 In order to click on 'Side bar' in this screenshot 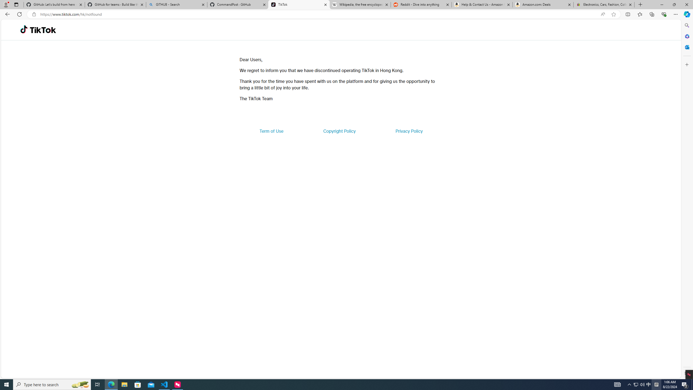, I will do `click(687, 199)`.